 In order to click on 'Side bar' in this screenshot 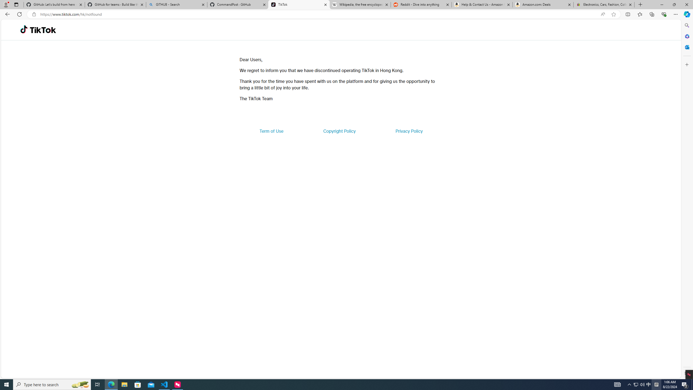, I will do `click(687, 199)`.